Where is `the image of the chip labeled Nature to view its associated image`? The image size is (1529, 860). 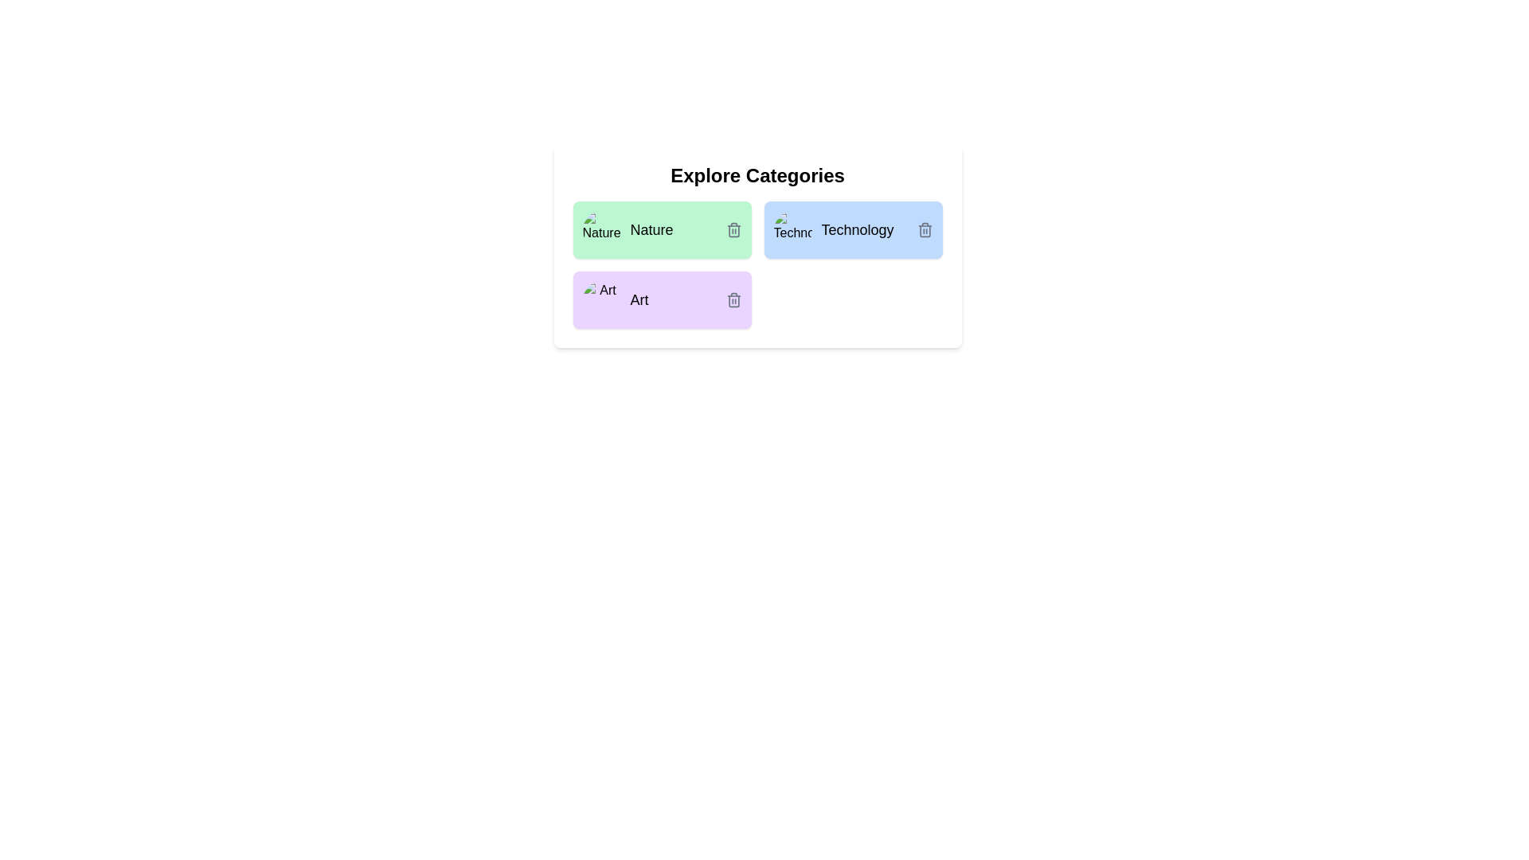
the image of the chip labeled Nature to view its associated image is located at coordinates (600, 230).